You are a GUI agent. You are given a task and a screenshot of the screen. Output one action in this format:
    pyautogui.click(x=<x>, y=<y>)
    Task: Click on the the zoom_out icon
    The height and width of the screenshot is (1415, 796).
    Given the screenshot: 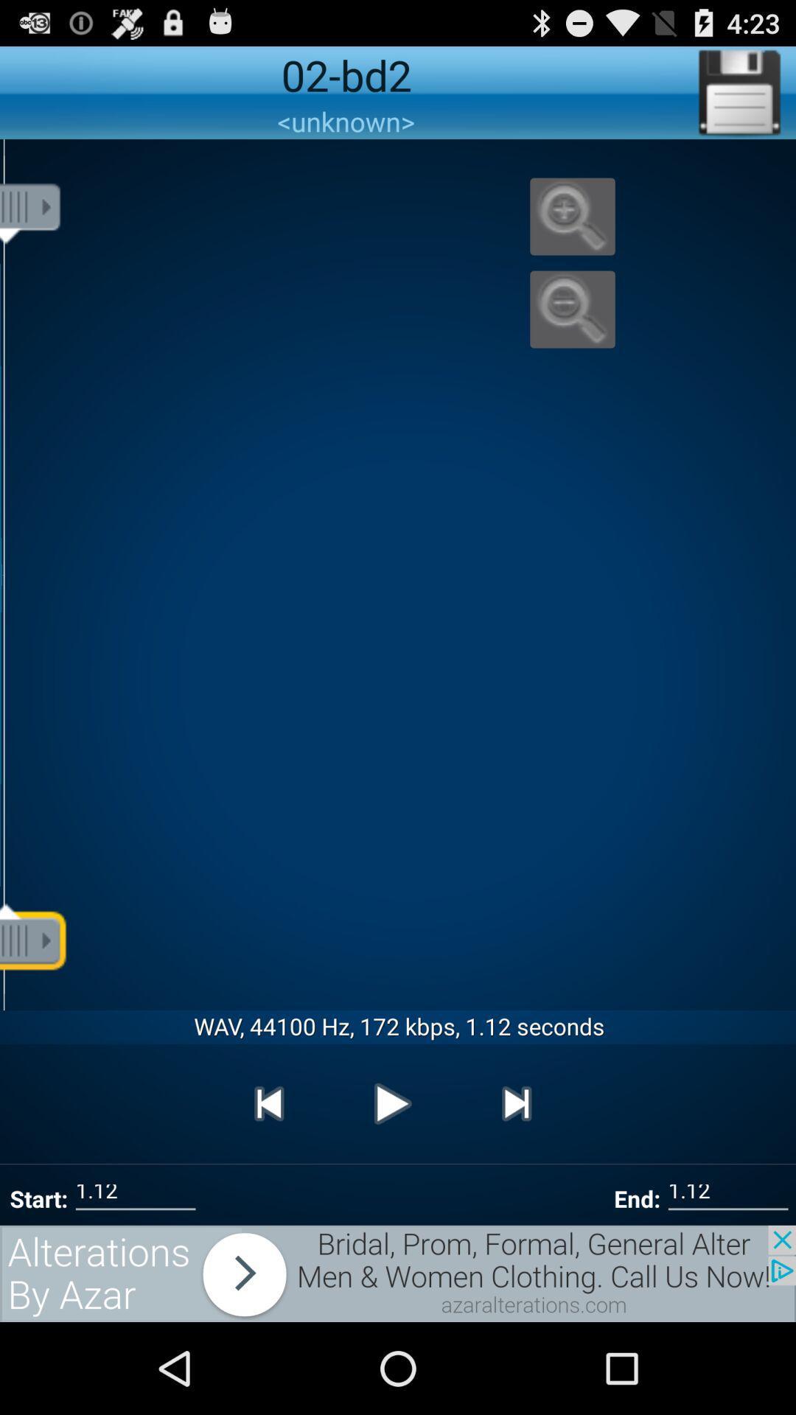 What is the action you would take?
    pyautogui.click(x=571, y=330)
    